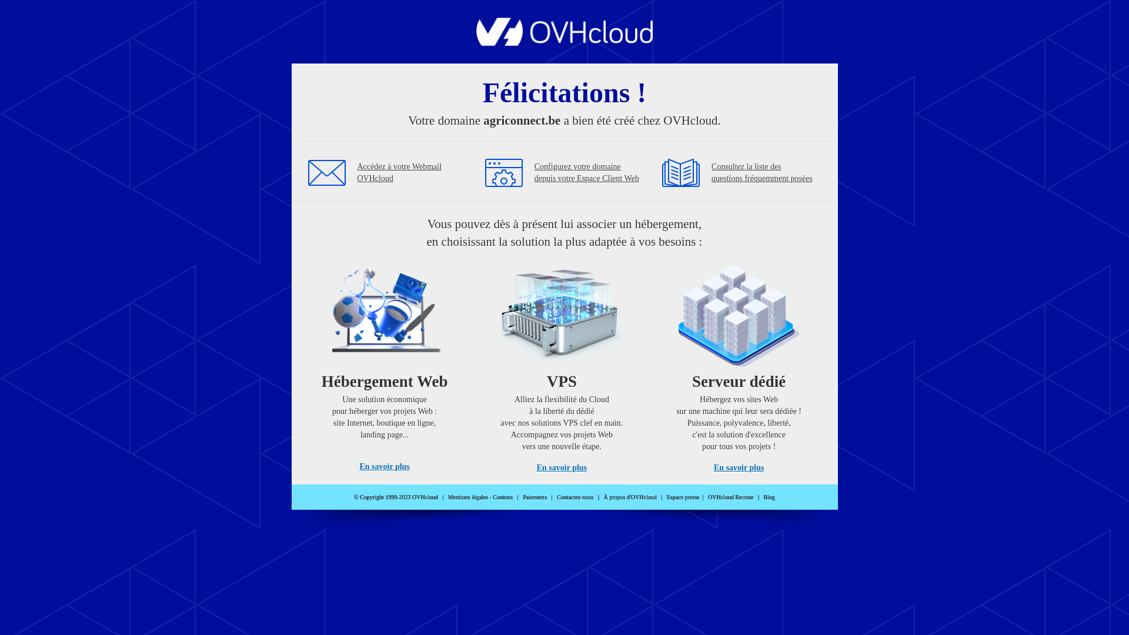  Describe the element at coordinates (556, 497) in the screenshot. I see `'Contactez-nous'` at that location.